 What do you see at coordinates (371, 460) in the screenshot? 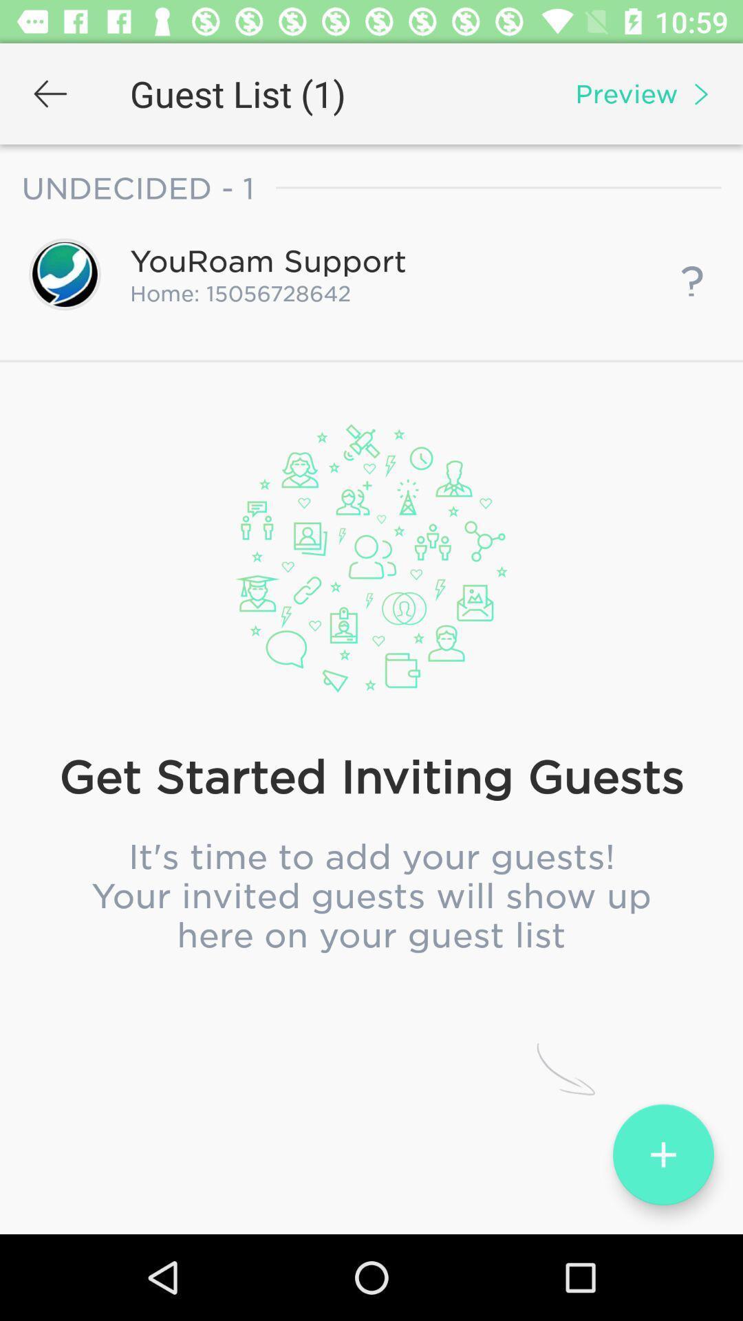
I see `the party test item` at bounding box center [371, 460].